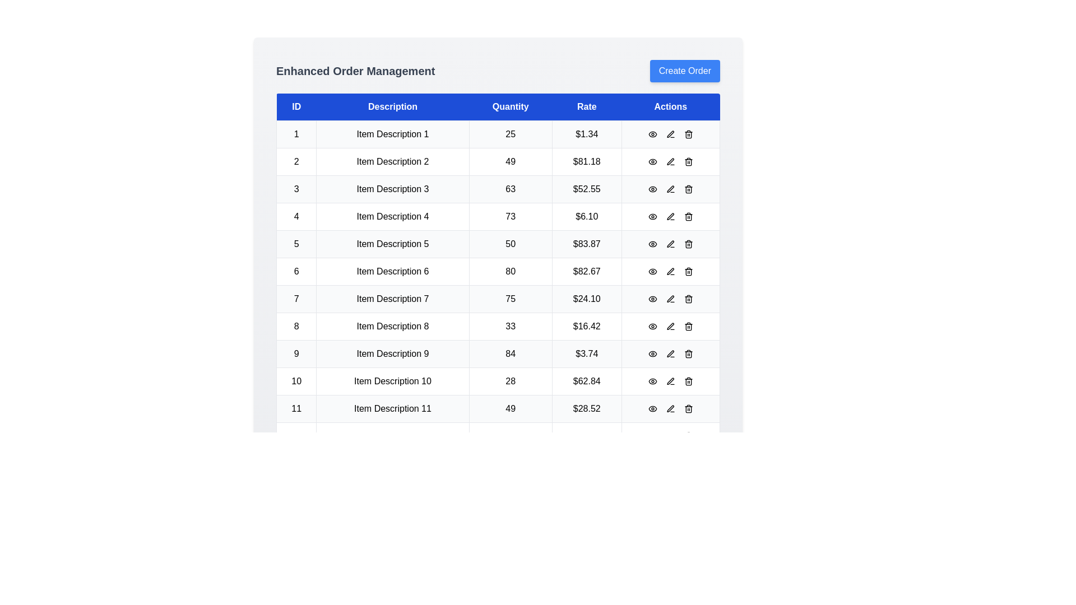 The height and width of the screenshot is (605, 1076). I want to click on the 'Create Order' button to initiate the creation of a new order, so click(684, 71).